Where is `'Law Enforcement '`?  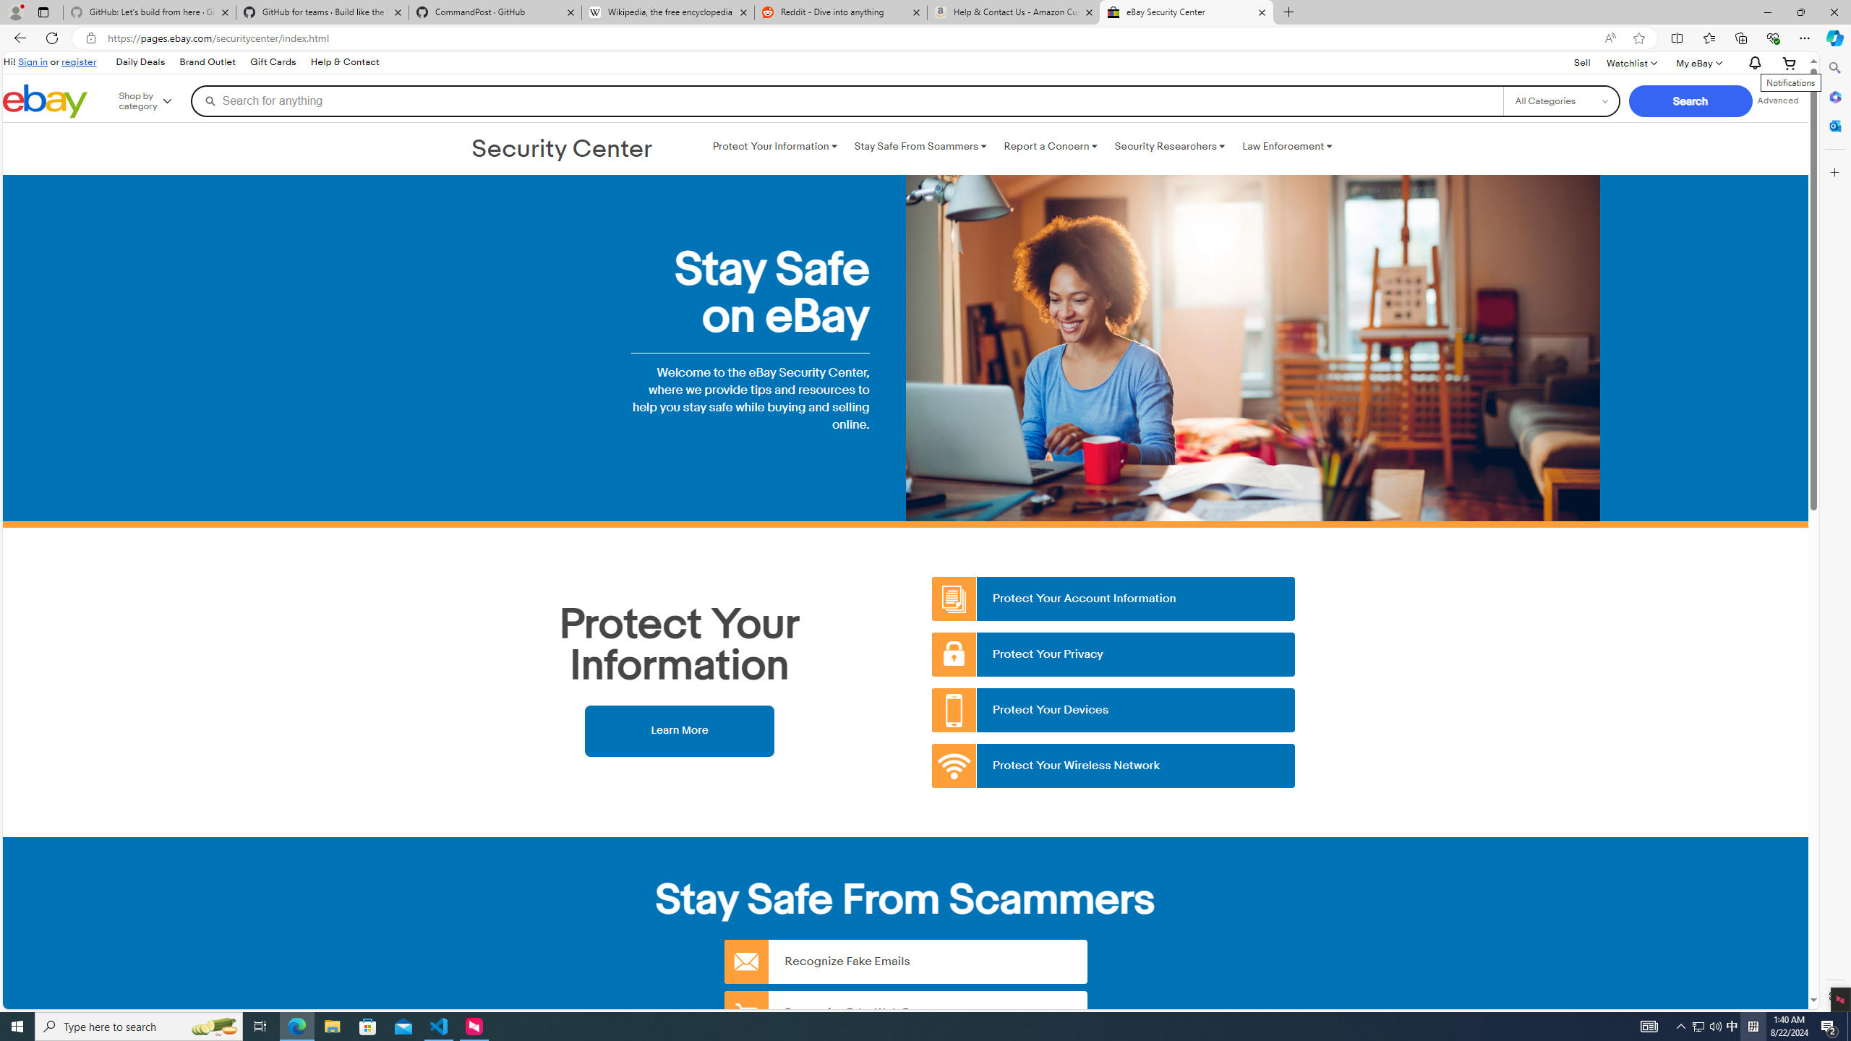
'Law Enforcement ' is located at coordinates (1287, 146).